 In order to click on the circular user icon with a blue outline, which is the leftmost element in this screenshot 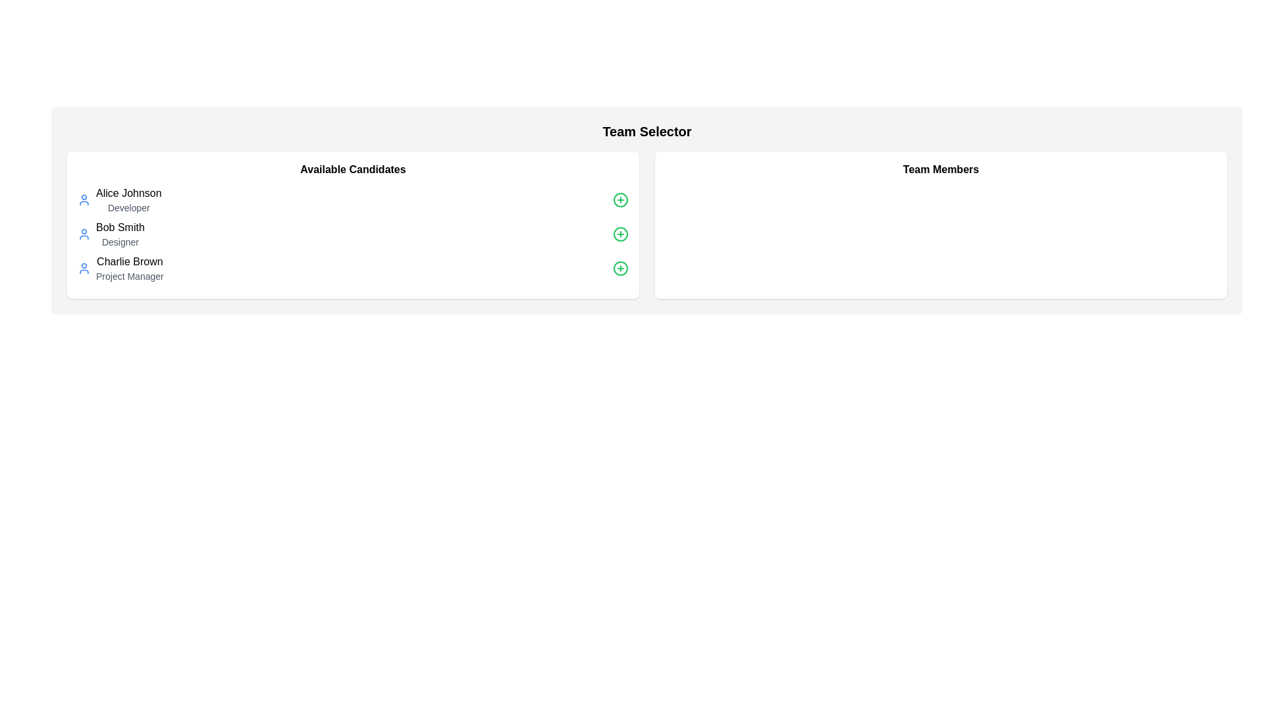, I will do `click(84, 268)`.